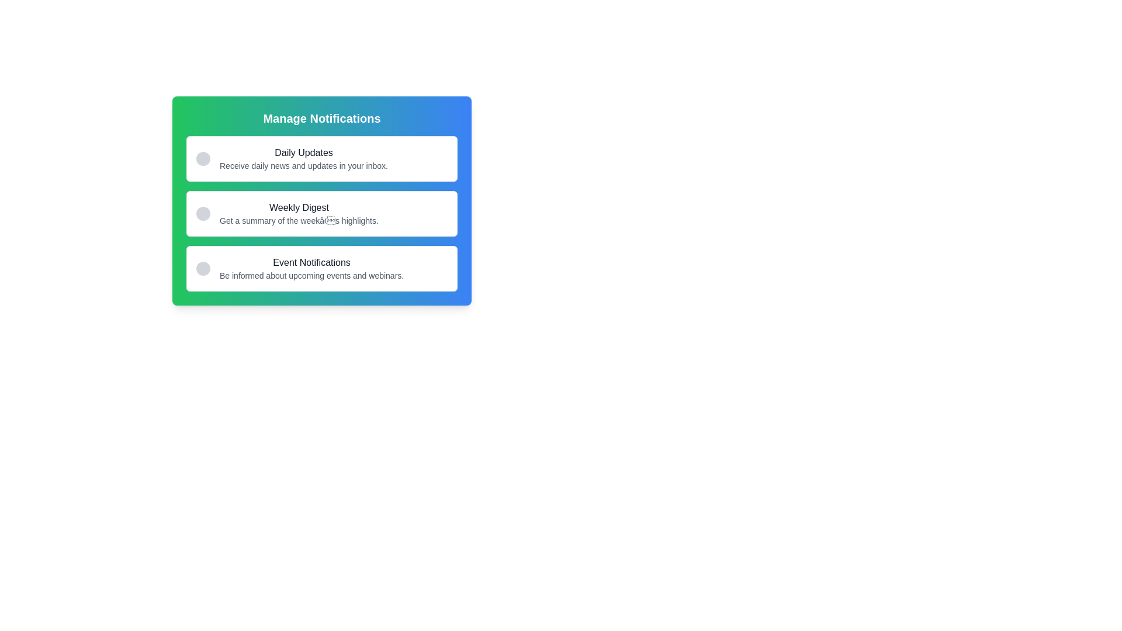  What do you see at coordinates (311, 275) in the screenshot?
I see `the Text Label that describes the 'Event Notifications' feature, which is located directly below the heading 'Event Notifications' in the notification options list` at bounding box center [311, 275].